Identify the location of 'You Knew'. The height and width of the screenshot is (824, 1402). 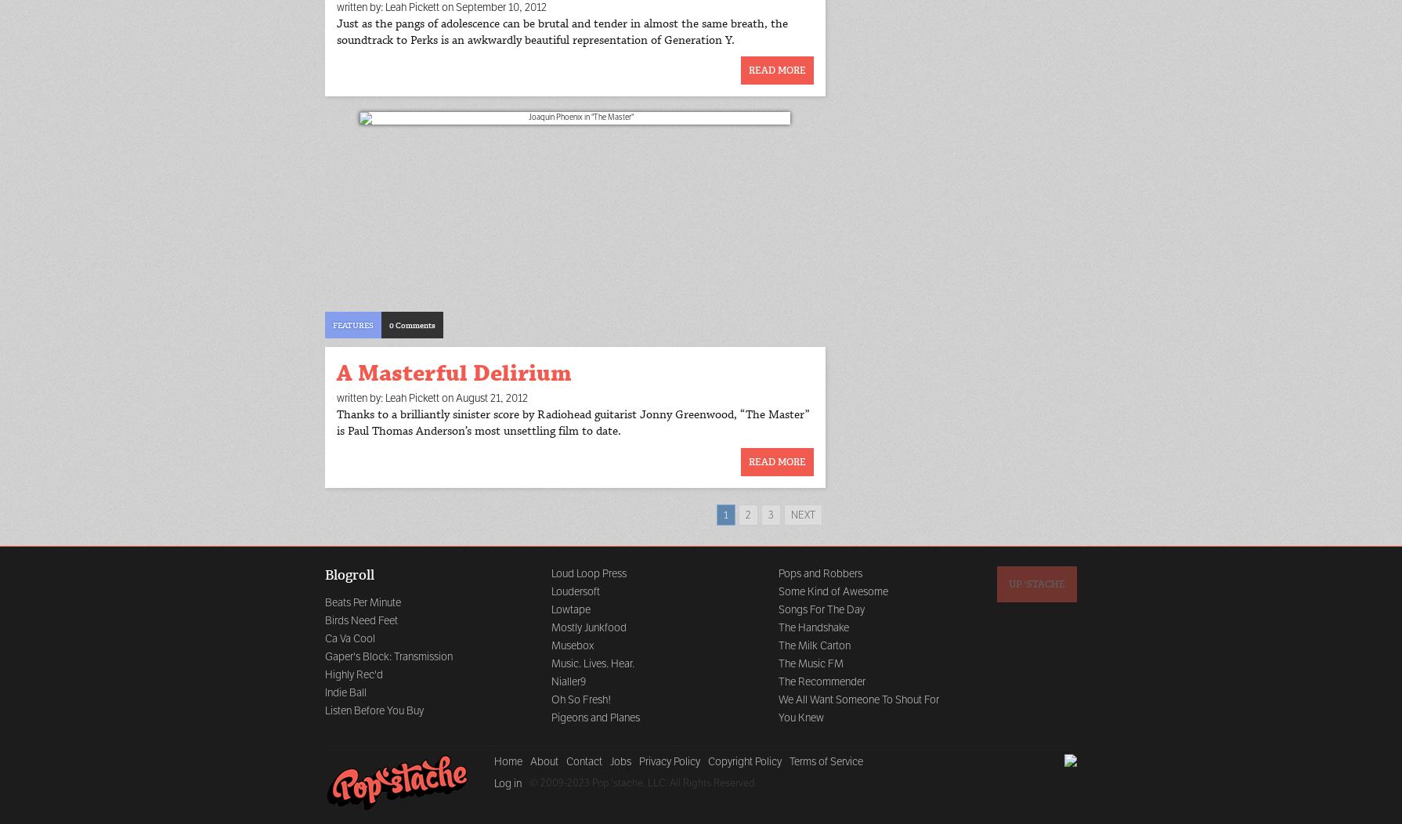
(800, 717).